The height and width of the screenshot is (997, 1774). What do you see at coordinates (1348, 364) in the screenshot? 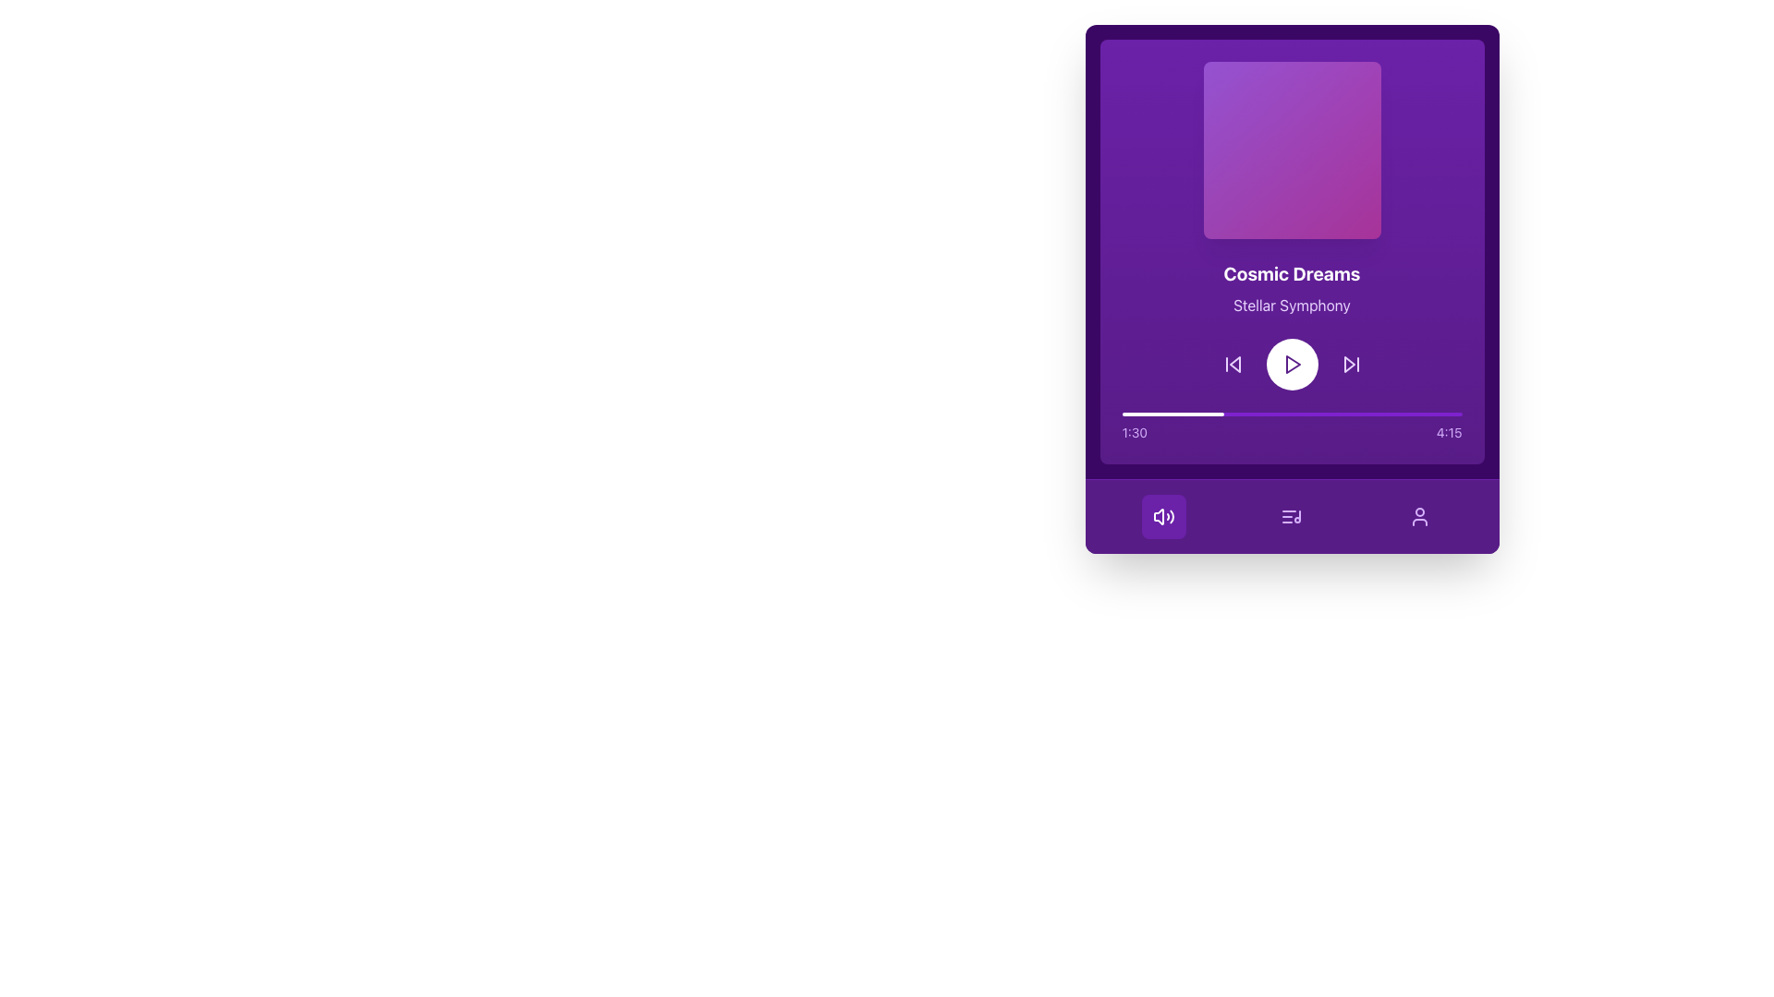
I see `the left component of the 'skip forward' button in the media player interface` at bounding box center [1348, 364].